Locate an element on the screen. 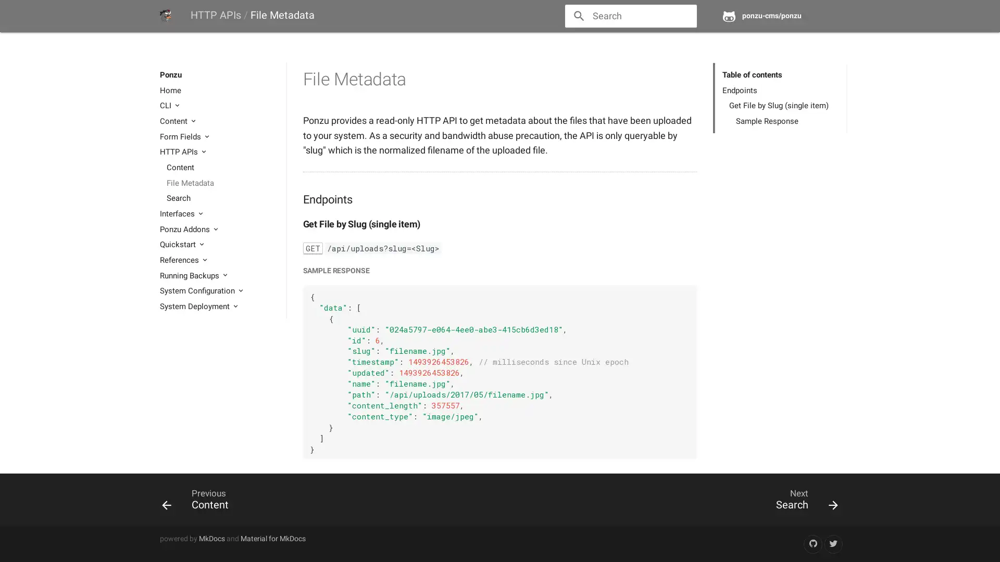 This screenshot has width=1000, height=562. close is located at coordinates (683, 16).